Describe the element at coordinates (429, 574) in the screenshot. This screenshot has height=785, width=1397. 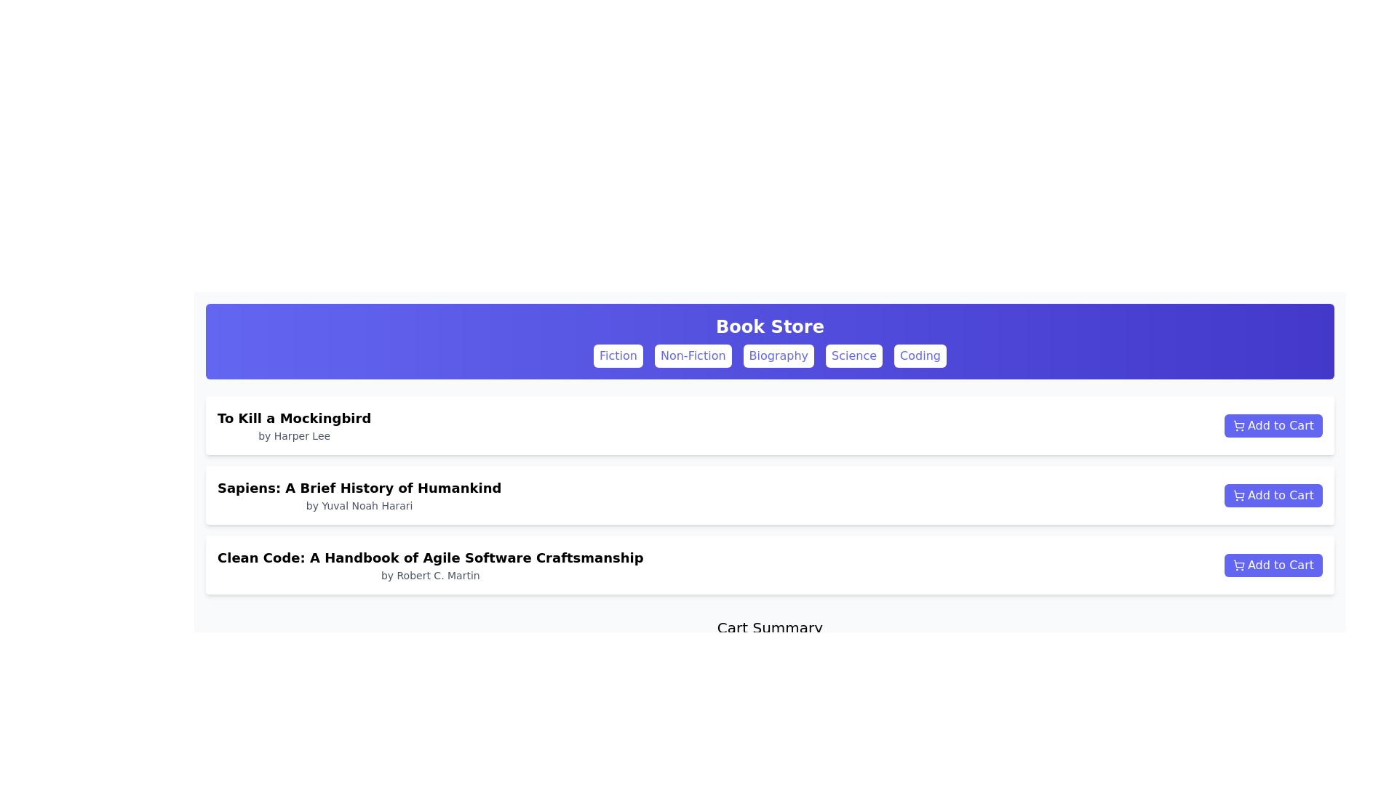
I see `non-interactive text element displaying the author's name 'Robert C. Martin', which is located beneath the main title of the book 'Clean Code: A Handbook of Agile Software Craftsmanship'` at that location.